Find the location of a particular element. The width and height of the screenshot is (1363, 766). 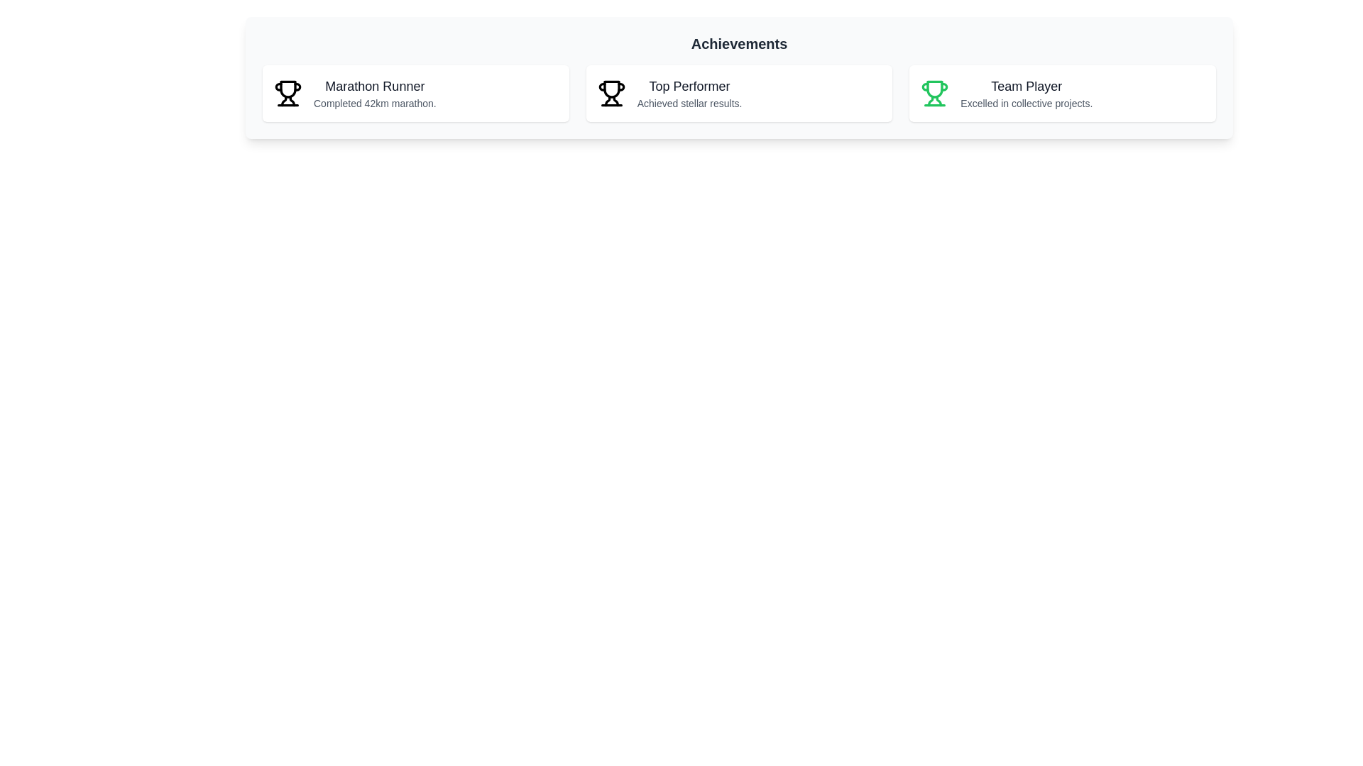

the green trophy icon located in the top-right section of the interface within the 'Team Player' panel, positioned left of the achievement text is located at coordinates (935, 93).